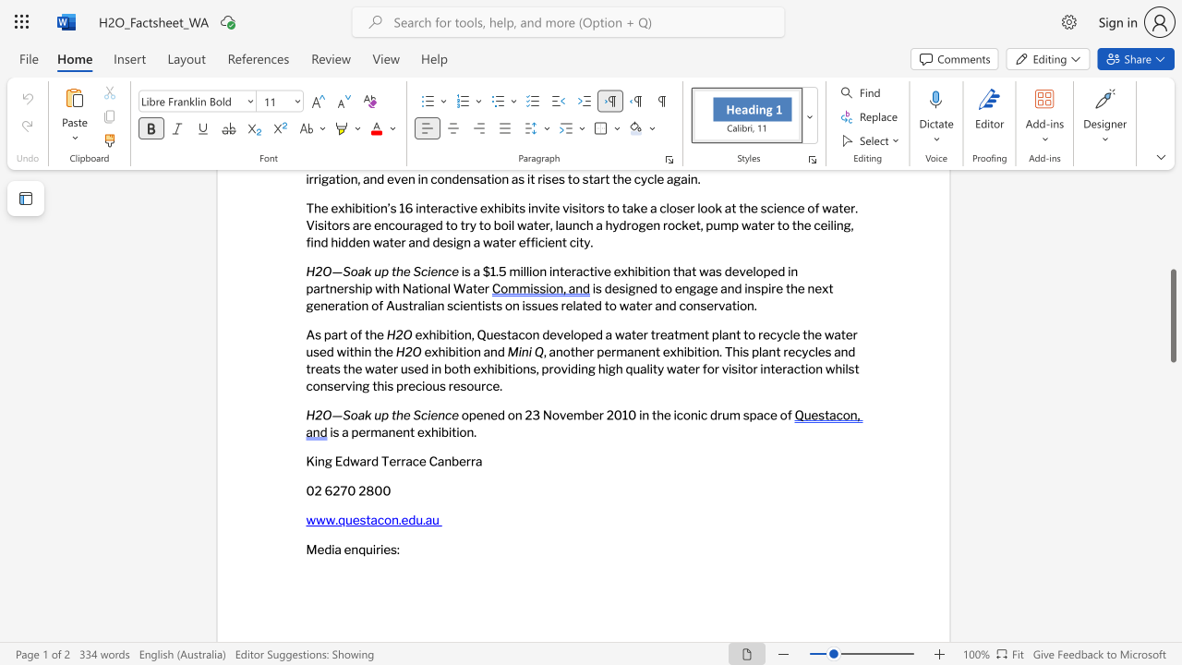 This screenshot has height=665, width=1182. What do you see at coordinates (1172, 315) in the screenshot?
I see `the scrollbar and move up 170 pixels` at bounding box center [1172, 315].